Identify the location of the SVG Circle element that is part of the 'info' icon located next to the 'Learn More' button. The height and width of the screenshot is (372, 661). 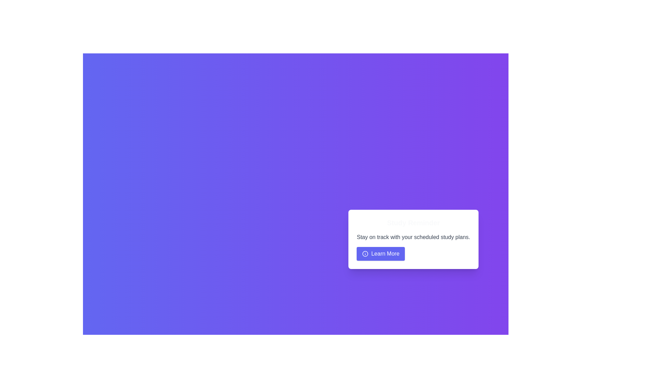
(365, 254).